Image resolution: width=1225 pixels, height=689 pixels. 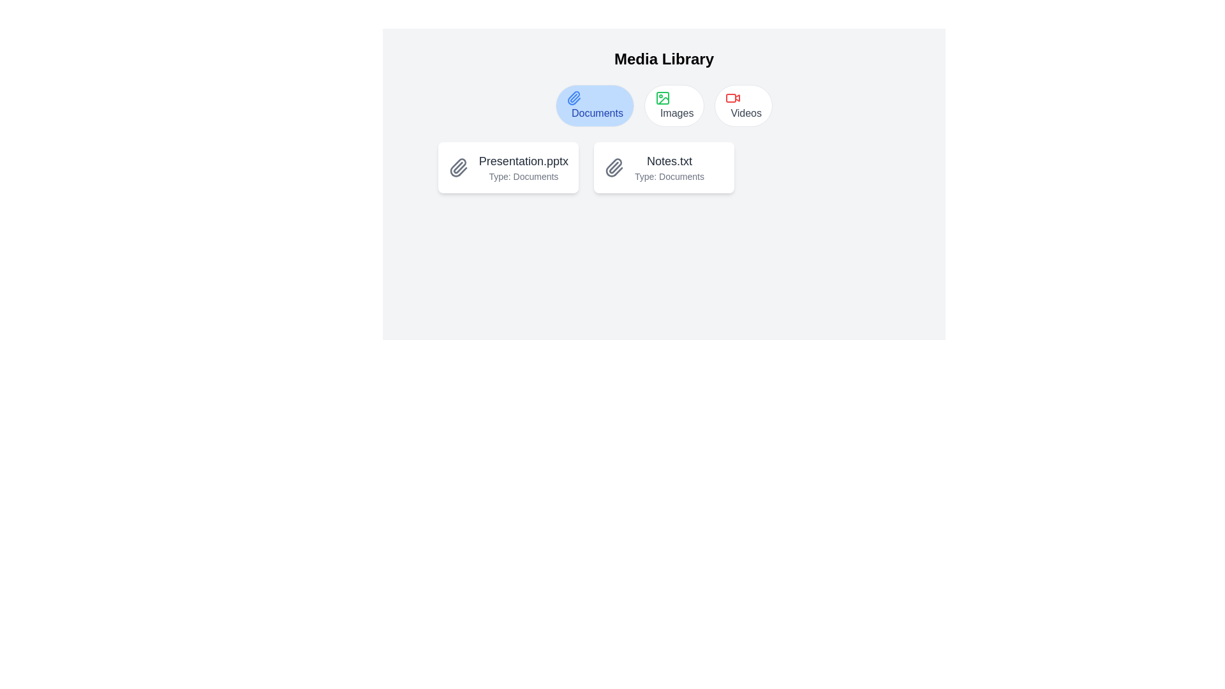 I want to click on the Text Label at the top of the page that indicates the purpose or content of the interface, so click(x=664, y=59).